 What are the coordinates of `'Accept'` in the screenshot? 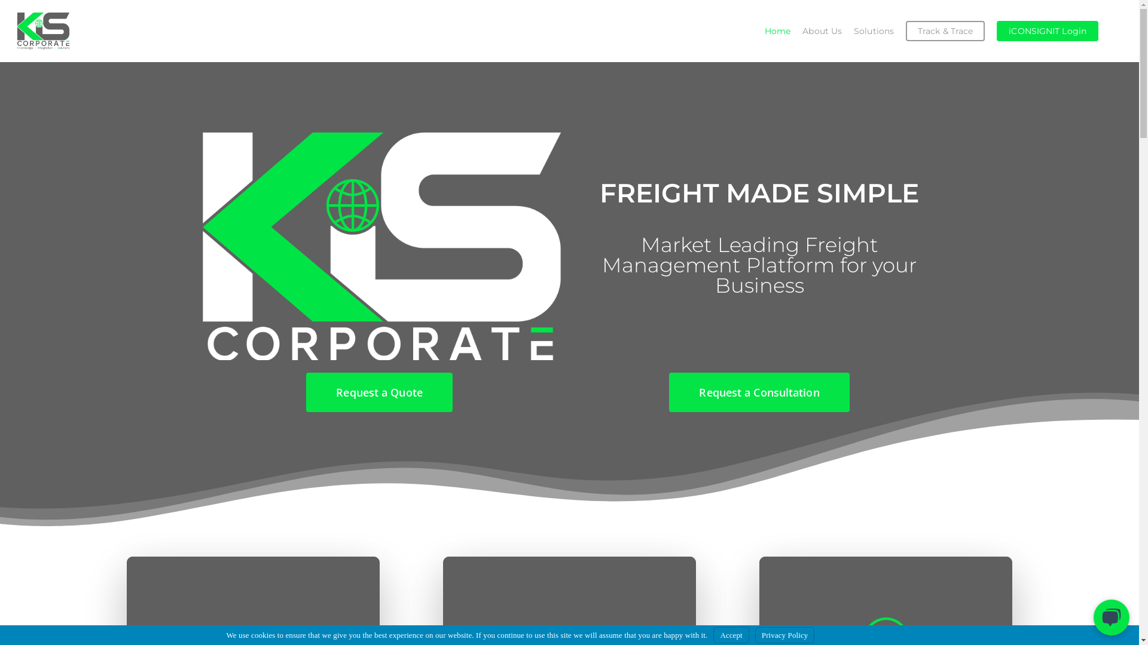 It's located at (730, 634).